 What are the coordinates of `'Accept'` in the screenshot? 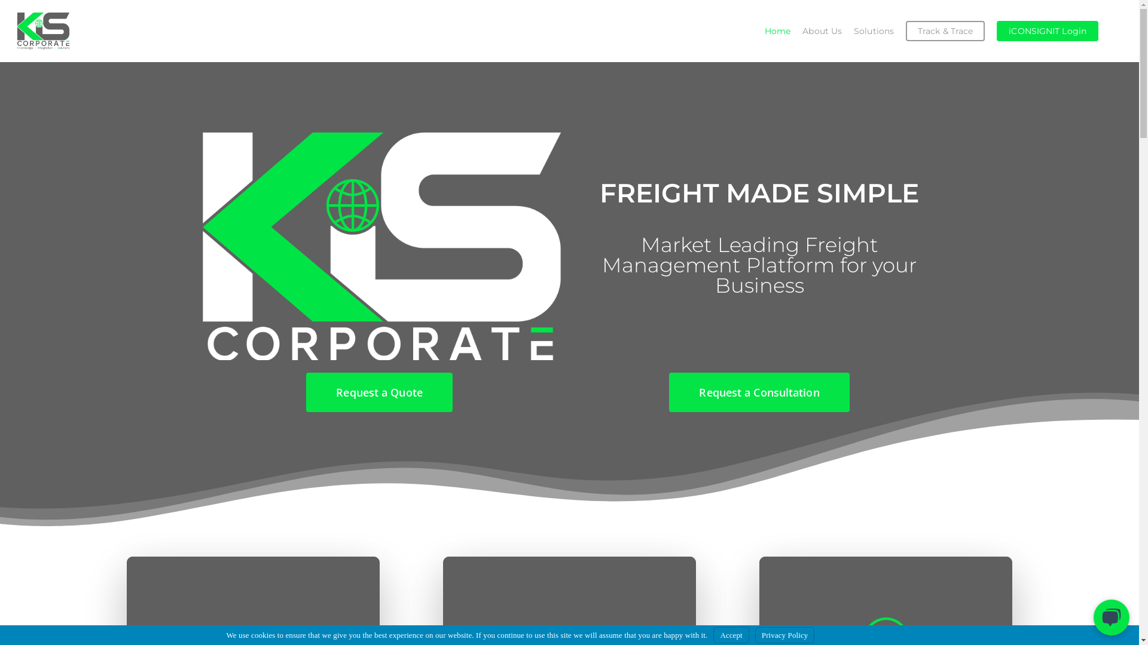 It's located at (730, 634).